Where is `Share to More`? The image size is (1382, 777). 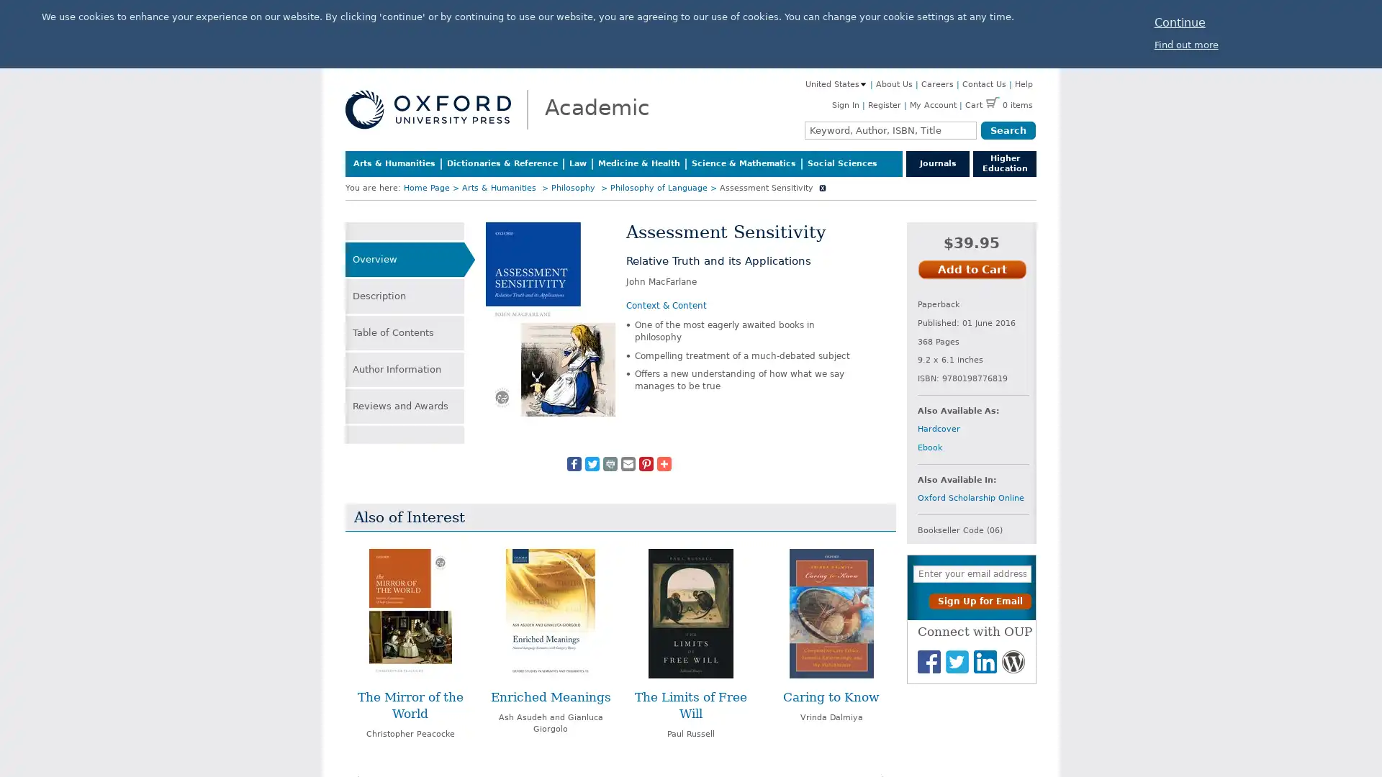
Share to More is located at coordinates (662, 463).